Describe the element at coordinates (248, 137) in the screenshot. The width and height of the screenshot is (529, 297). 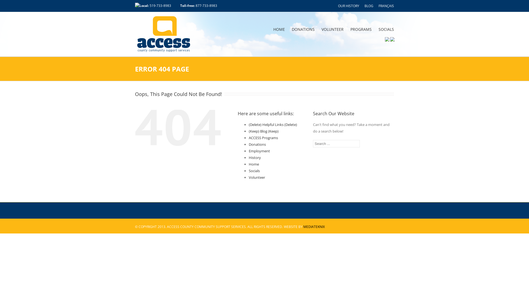
I see `'ACCESS Programs'` at that location.